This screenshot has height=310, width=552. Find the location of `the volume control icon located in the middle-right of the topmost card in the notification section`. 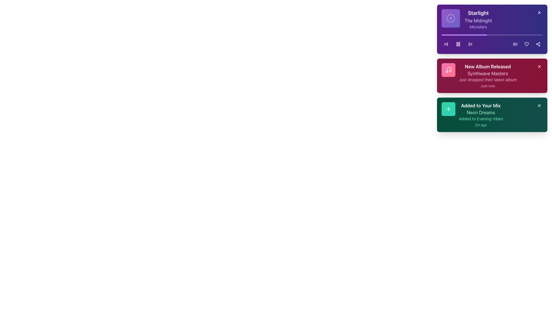

the volume control icon located in the middle-right of the topmost card in the notification section is located at coordinates (515, 44).